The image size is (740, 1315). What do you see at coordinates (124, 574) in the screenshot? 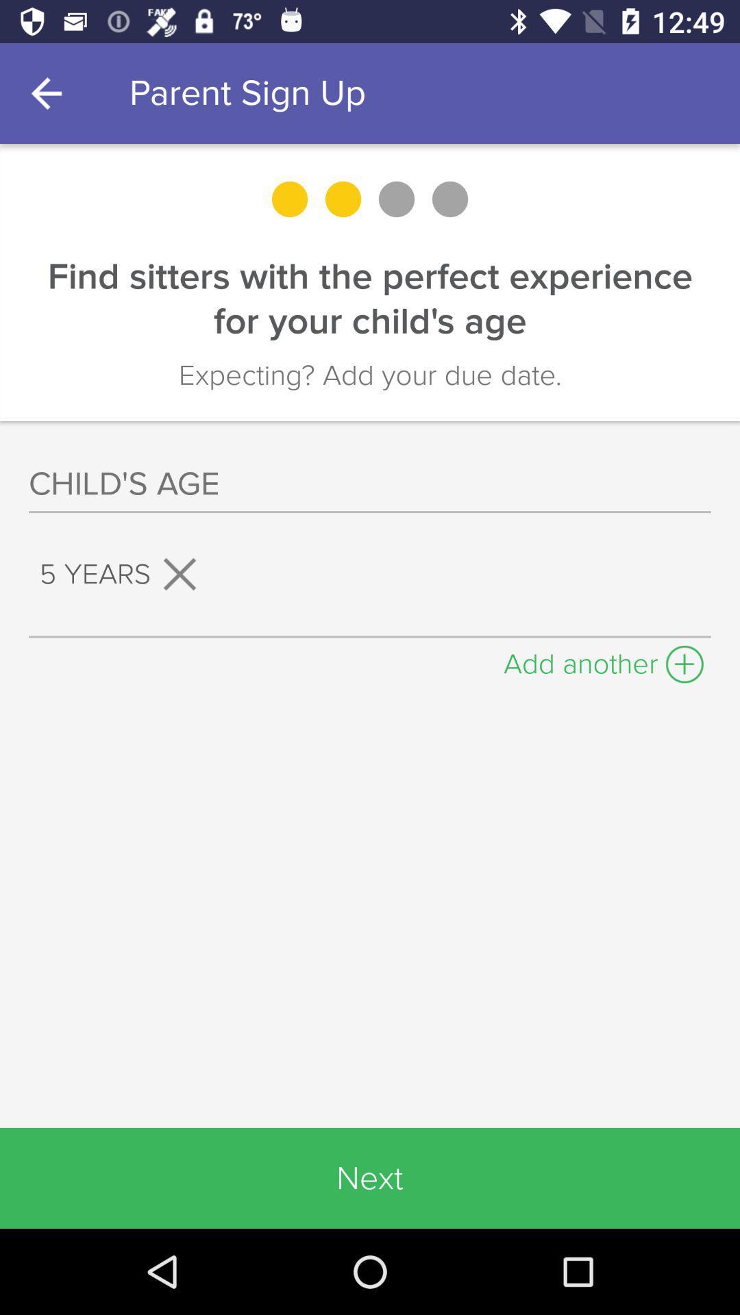
I see `the 5 years` at bounding box center [124, 574].